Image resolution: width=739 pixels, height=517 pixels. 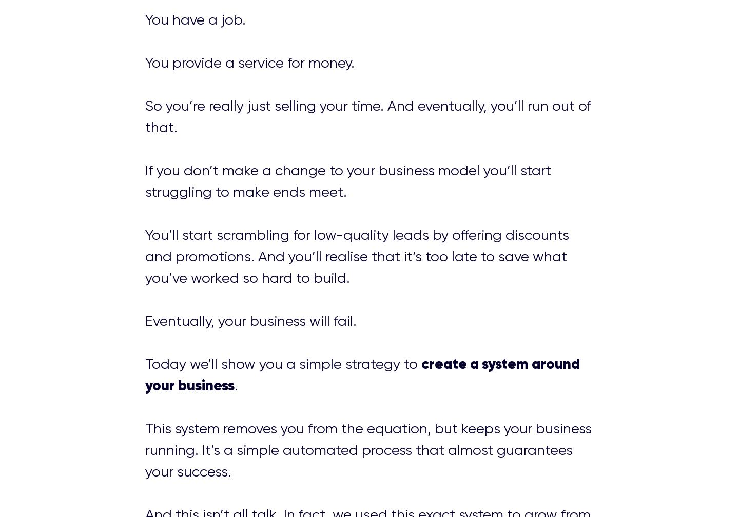 What do you see at coordinates (356, 256) in the screenshot?
I see `'You’ll start scrambling for low-quality leads by offering discounts and promotions. And you’ll realise that it’s too late to save what you’ve worked so hard to build.'` at bounding box center [356, 256].